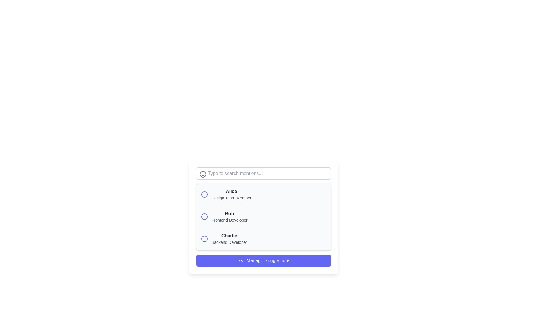 This screenshot has width=560, height=315. I want to click on the selectable text option displaying 'Bob' which is the second entry in a dropdown list, so click(229, 217).